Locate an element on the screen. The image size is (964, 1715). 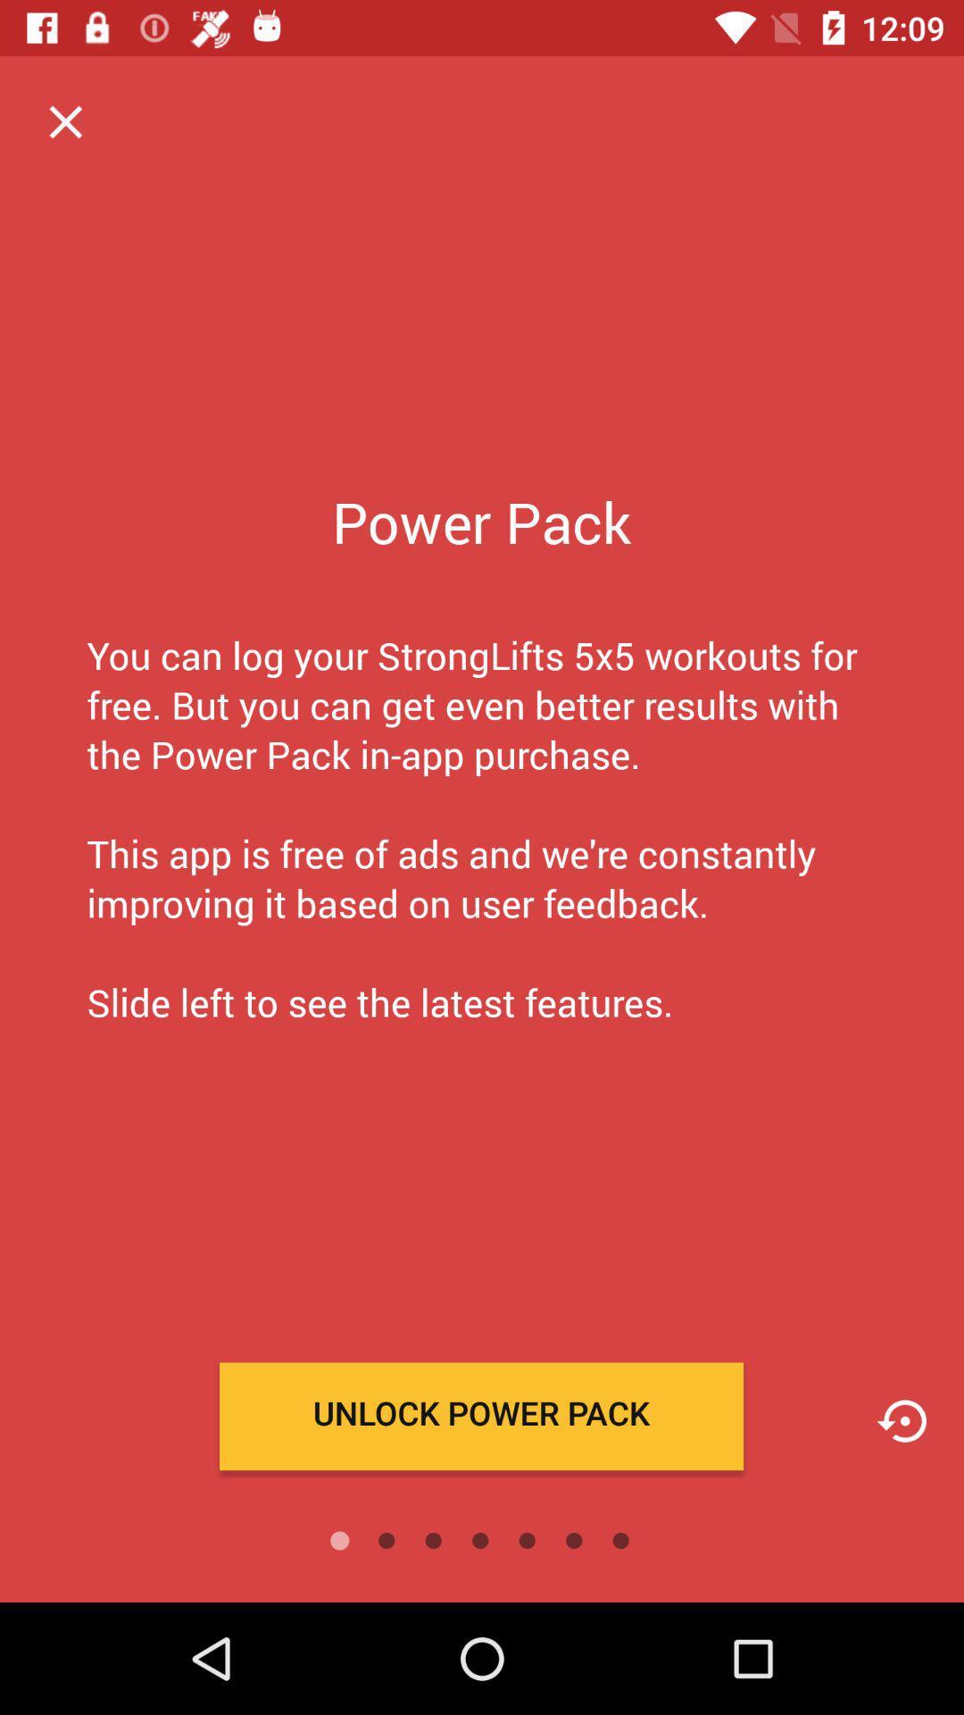
the close icon is located at coordinates (64, 121).